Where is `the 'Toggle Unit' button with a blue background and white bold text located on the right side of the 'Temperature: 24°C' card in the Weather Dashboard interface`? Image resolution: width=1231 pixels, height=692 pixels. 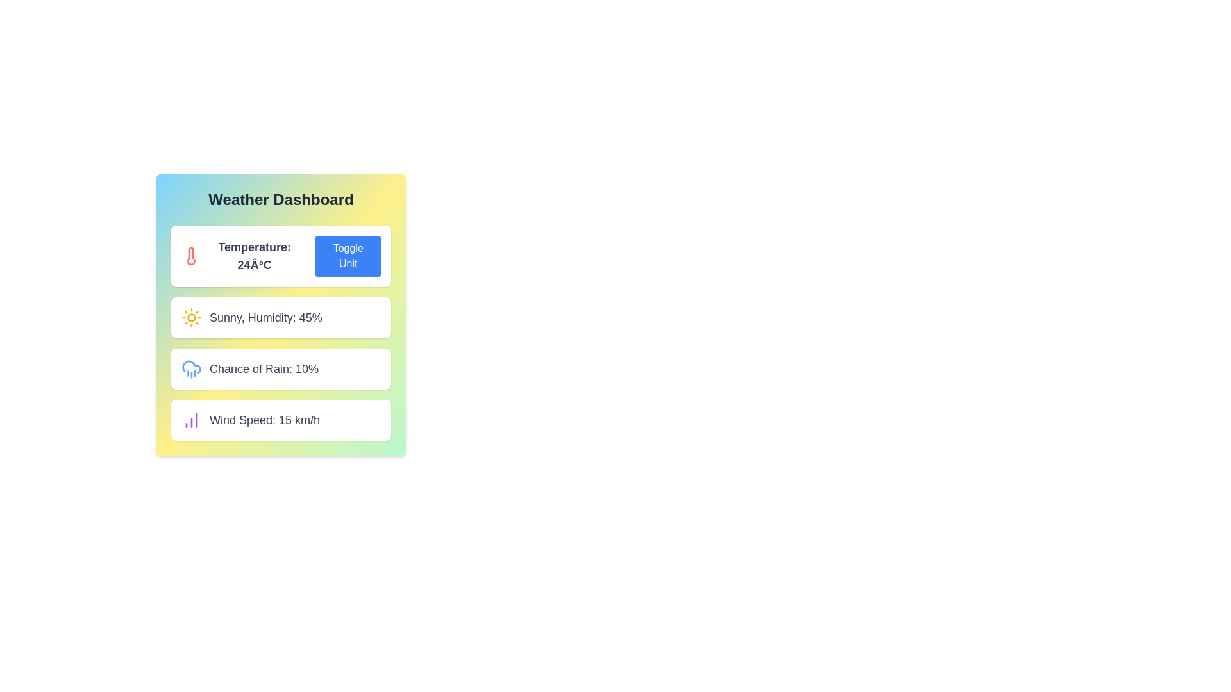 the 'Toggle Unit' button with a blue background and white bold text located on the right side of the 'Temperature: 24°C' card in the Weather Dashboard interface is located at coordinates (348, 256).